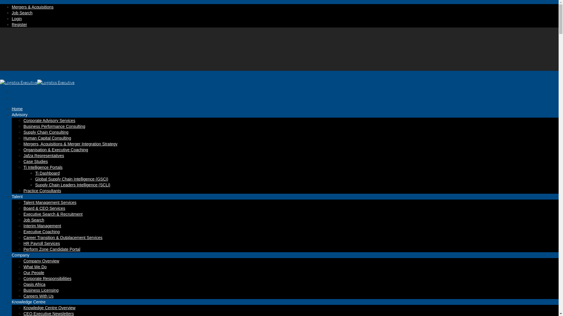 Image resolution: width=563 pixels, height=316 pixels. Describe the element at coordinates (72, 185) in the screenshot. I see `'Supply Chain Leaders Intelligence (SCLi)'` at that location.